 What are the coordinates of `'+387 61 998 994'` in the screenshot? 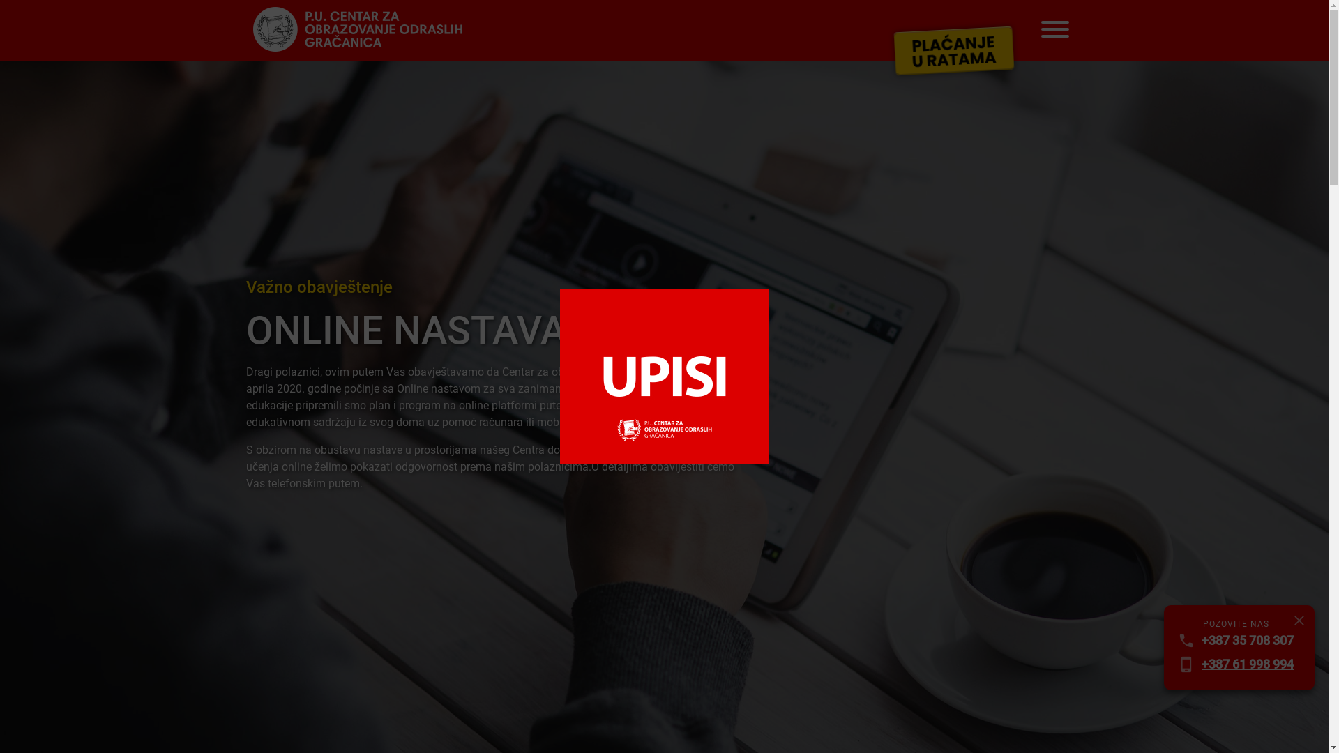 It's located at (1248, 663).